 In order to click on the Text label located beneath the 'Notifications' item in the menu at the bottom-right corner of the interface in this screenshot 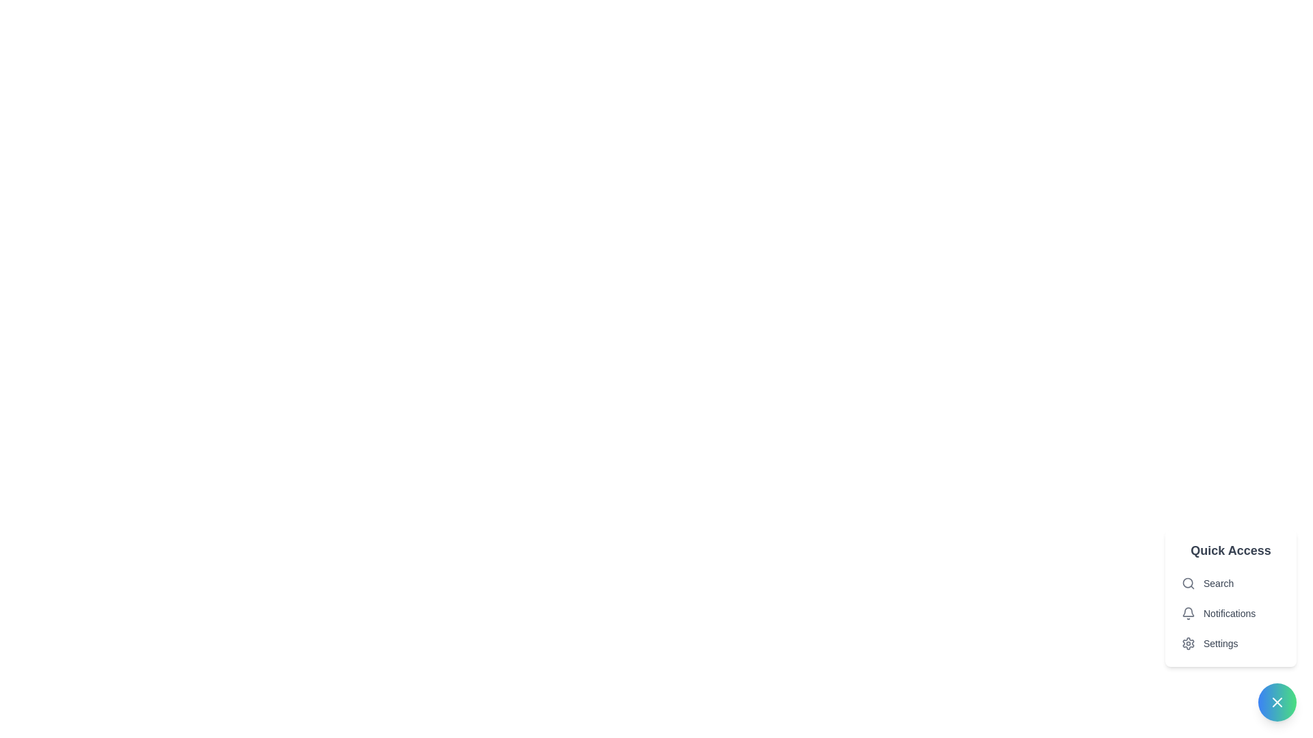, I will do `click(1221, 643)`.